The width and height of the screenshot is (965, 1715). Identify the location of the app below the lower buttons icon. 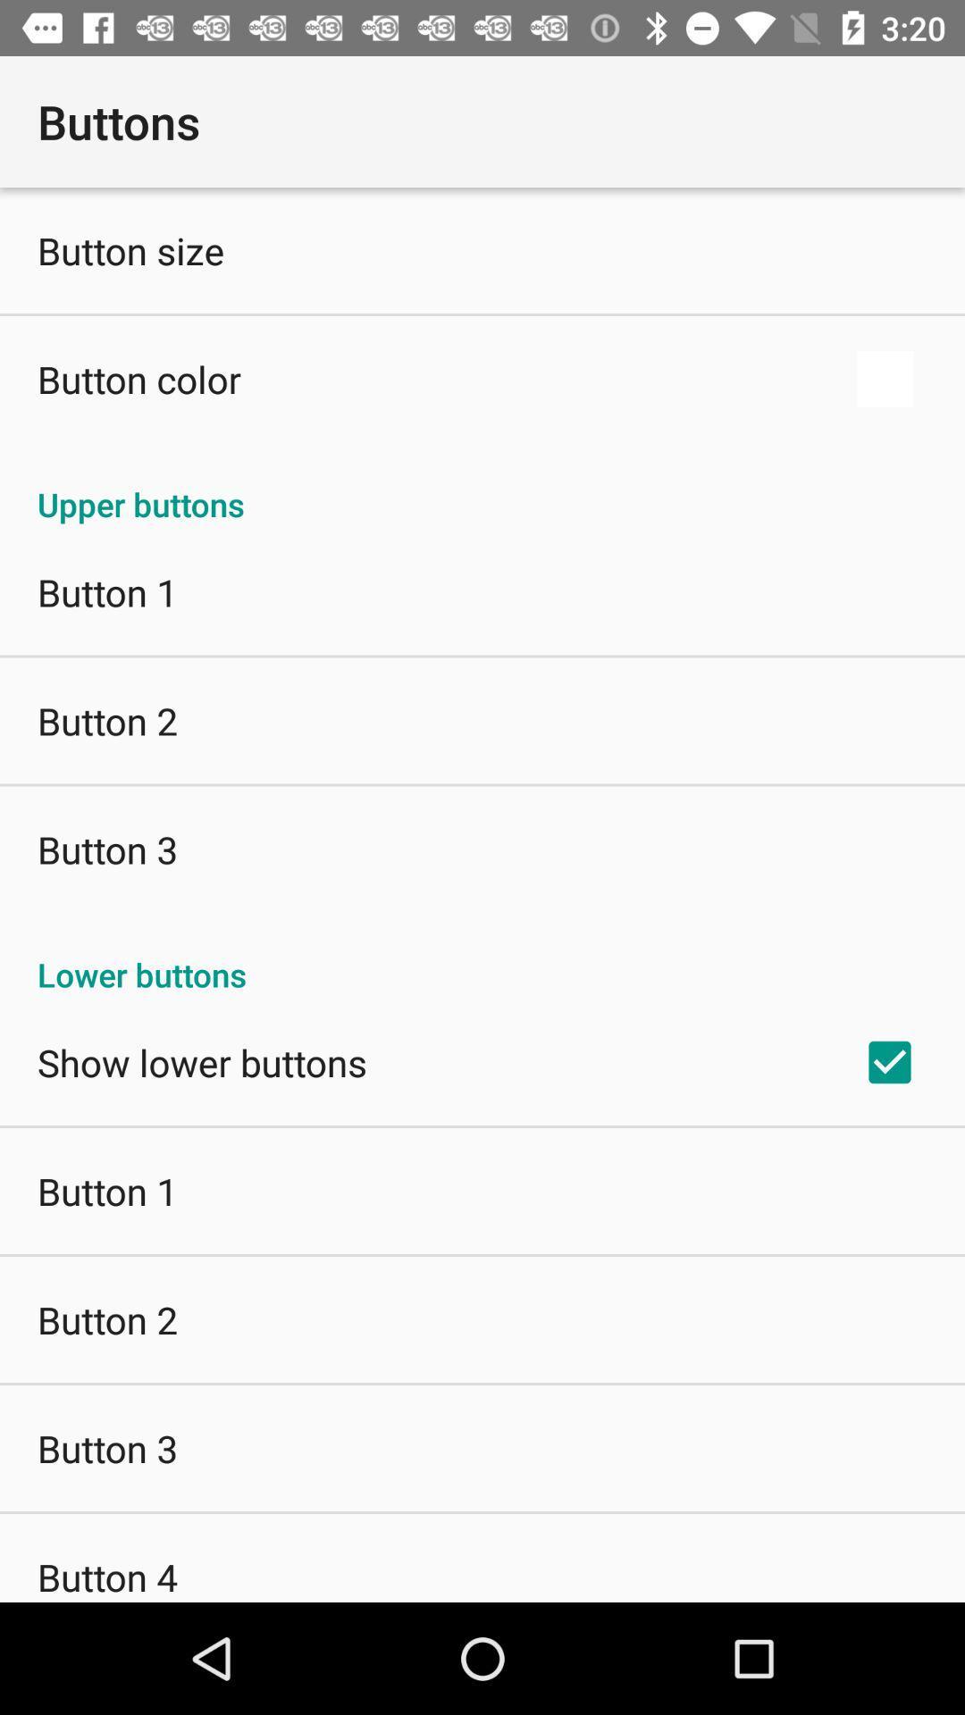
(889, 1062).